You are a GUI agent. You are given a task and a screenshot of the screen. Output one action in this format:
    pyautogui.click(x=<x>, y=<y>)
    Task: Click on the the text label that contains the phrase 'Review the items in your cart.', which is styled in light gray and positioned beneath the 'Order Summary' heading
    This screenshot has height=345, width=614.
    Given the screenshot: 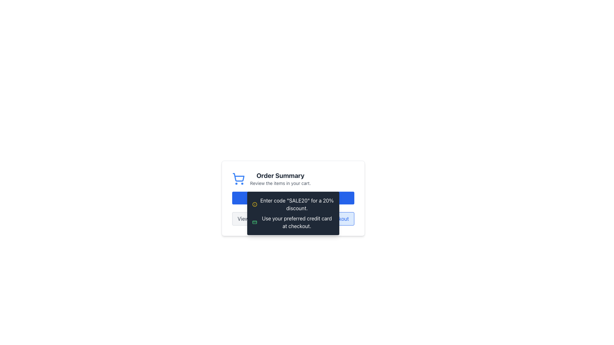 What is the action you would take?
    pyautogui.click(x=280, y=183)
    